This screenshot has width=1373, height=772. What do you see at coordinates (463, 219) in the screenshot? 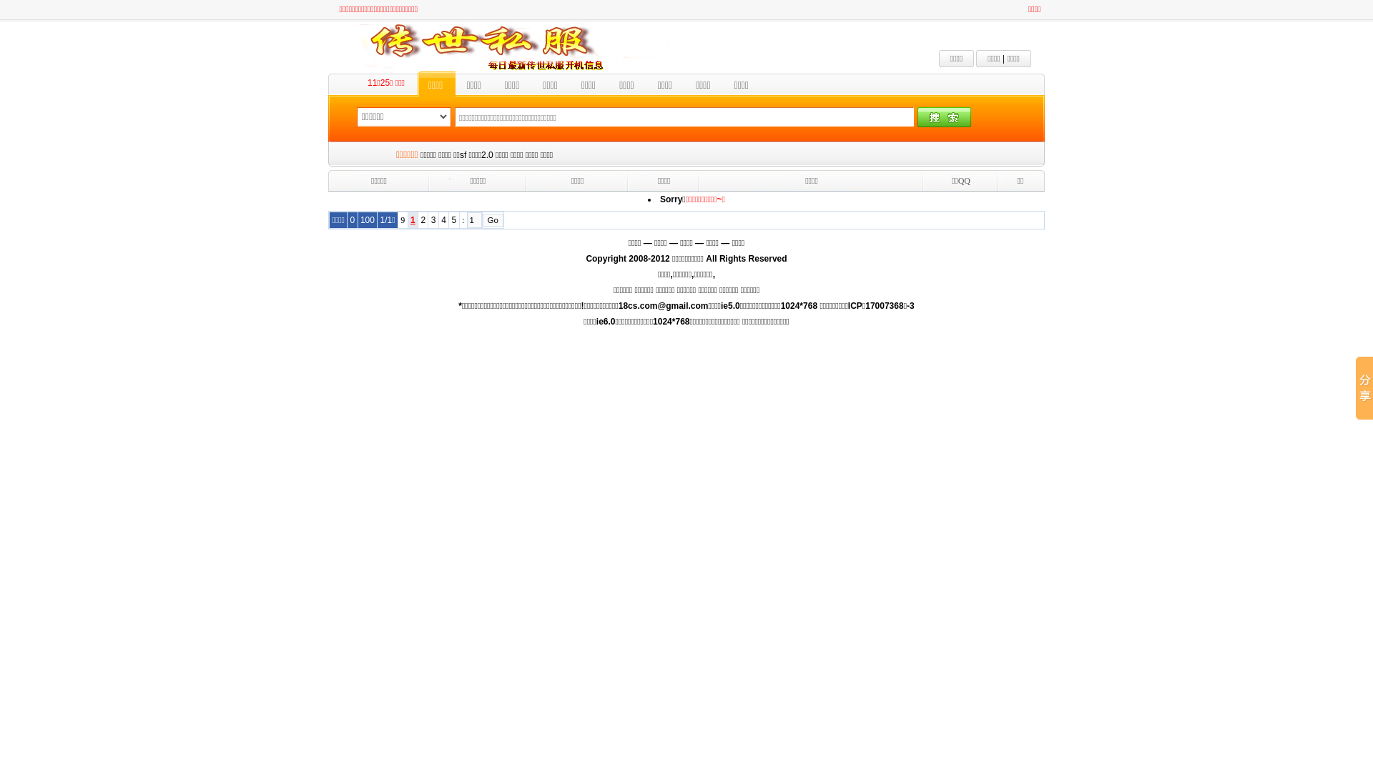
I see `':'` at bounding box center [463, 219].